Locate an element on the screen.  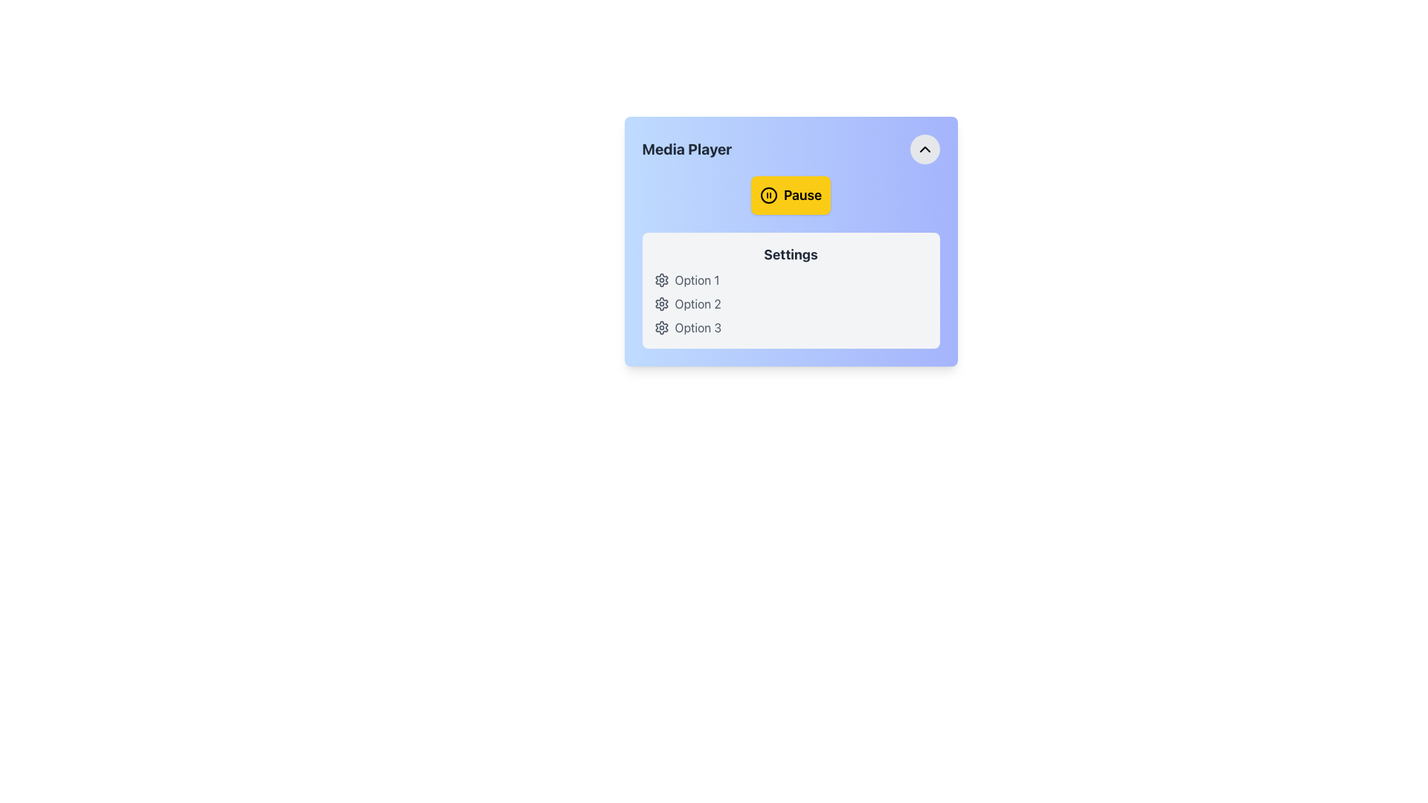
the black upward-pointing chevron icon located in the top-right corner of the card-like interface to interact with it is located at coordinates (924, 149).